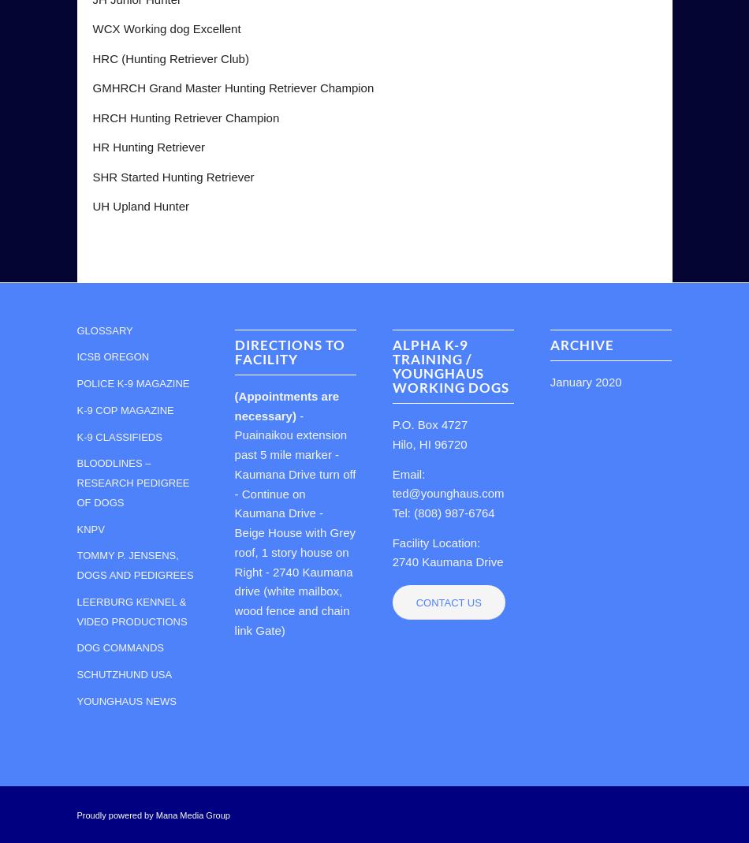 The width and height of the screenshot is (749, 843). Describe the element at coordinates (185, 117) in the screenshot. I see `'HRCH Hunting Retriever Champion'` at that location.